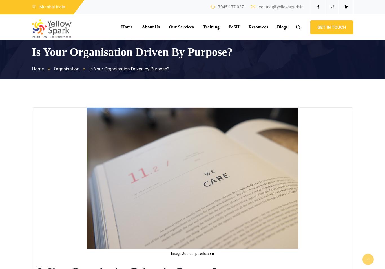  Describe the element at coordinates (192, 253) in the screenshot. I see `'Image Source: pexels.com'` at that location.